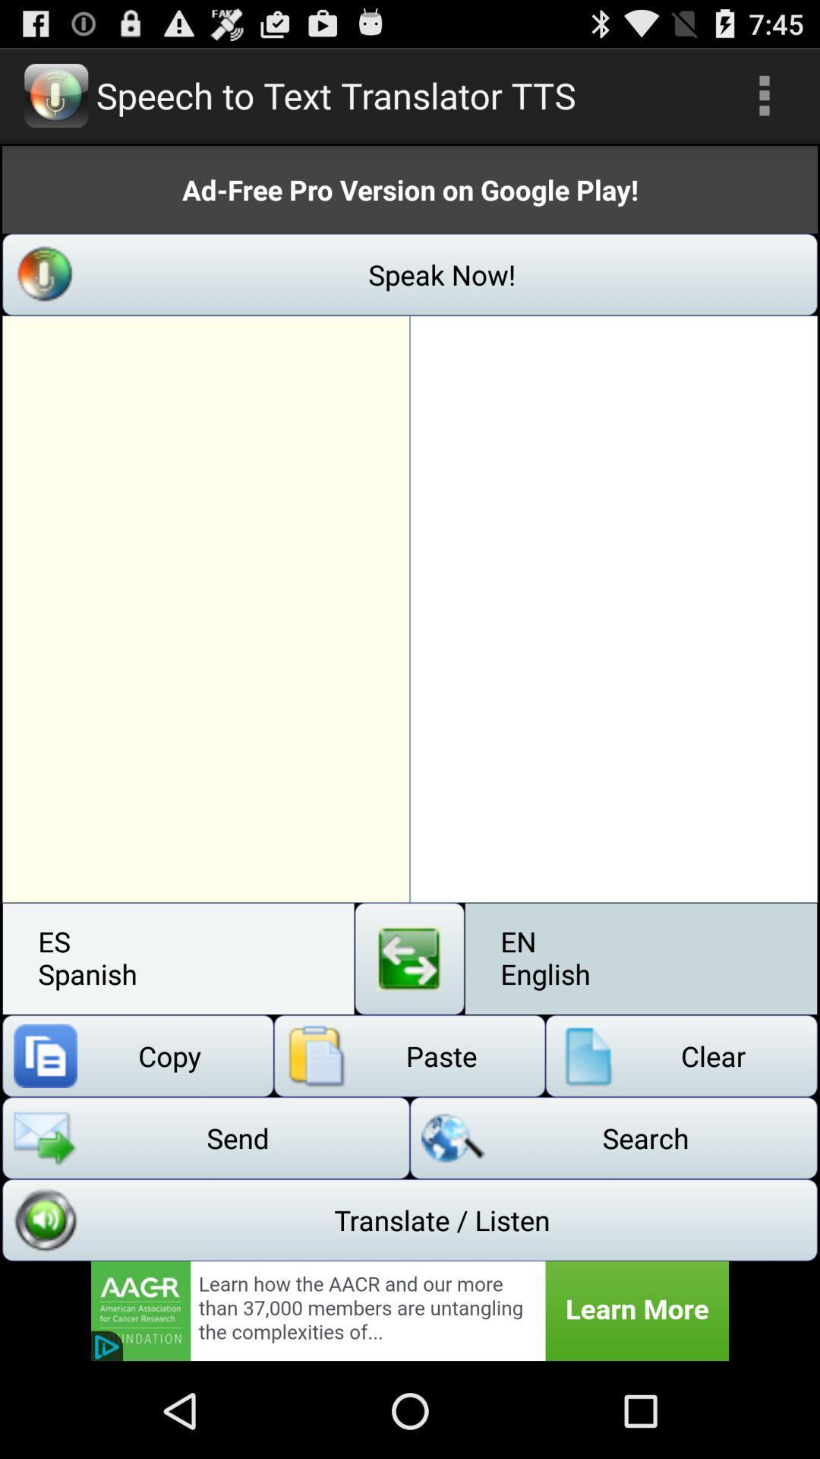 Image resolution: width=820 pixels, height=1459 pixels. I want to click on swap languages, so click(408, 957).